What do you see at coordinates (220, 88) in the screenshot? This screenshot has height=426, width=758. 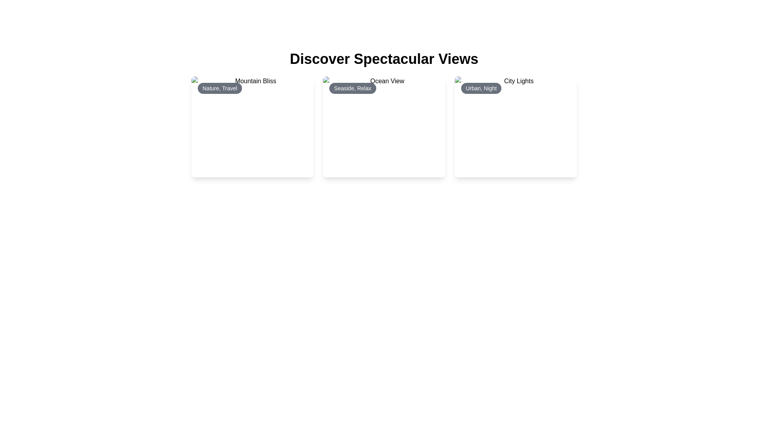 I see `text from the Tag or Badge indicating the category related to the image 'Mountain Bliss', located at the top-left corner of the image` at bounding box center [220, 88].